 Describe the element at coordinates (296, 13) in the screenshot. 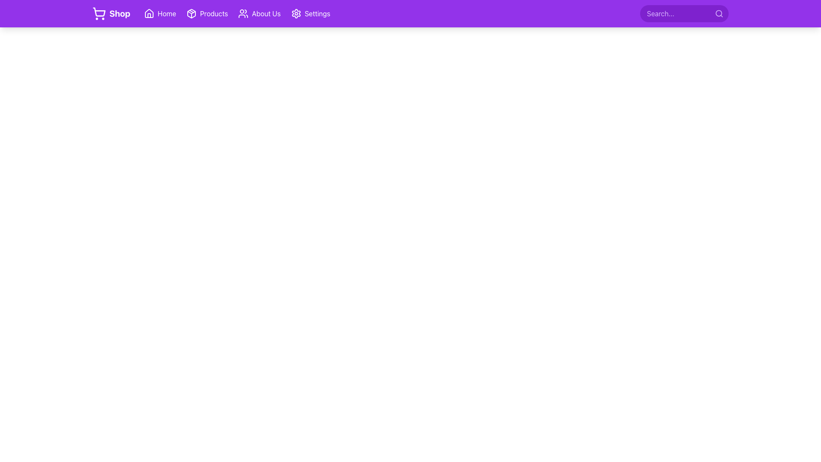

I see `the decorative graphic within the settings icon located at the far right of the navigation bar` at that location.